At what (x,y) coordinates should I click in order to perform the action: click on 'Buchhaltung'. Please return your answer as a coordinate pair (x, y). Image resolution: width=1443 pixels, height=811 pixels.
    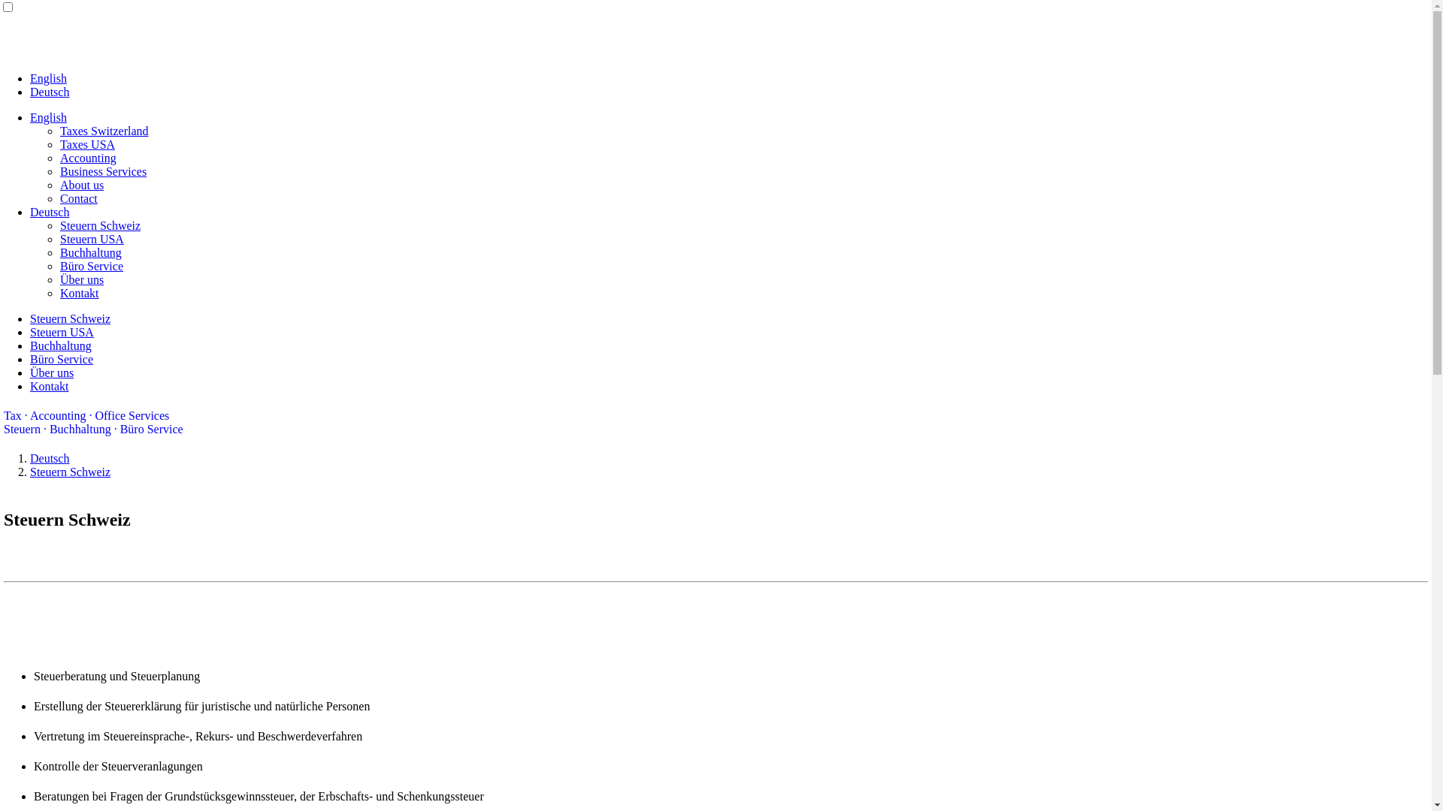
    Looking at the image, I should click on (89, 252).